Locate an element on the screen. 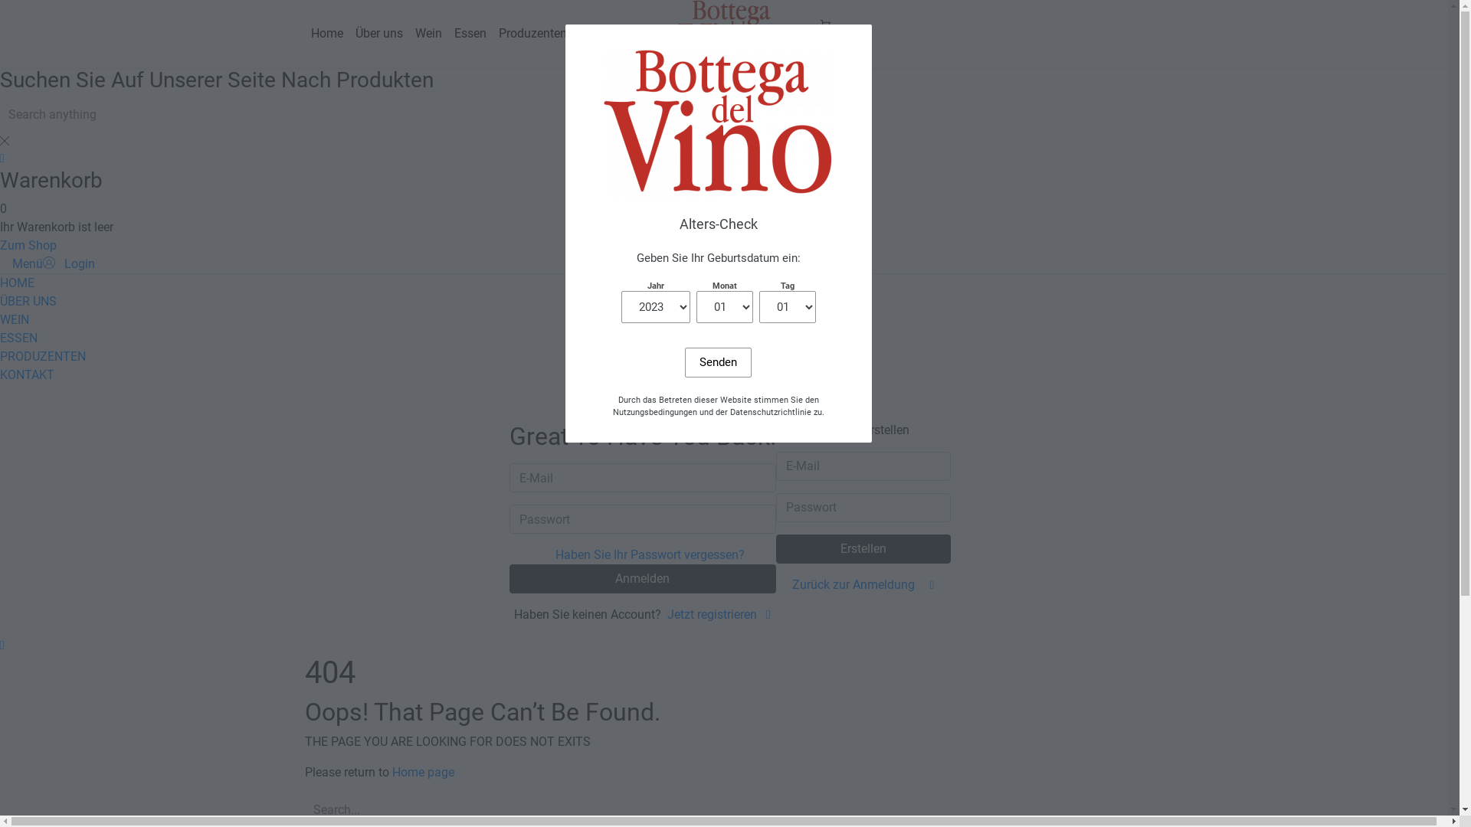 The image size is (1471, 827). 'KONTAKT' is located at coordinates (27, 374).